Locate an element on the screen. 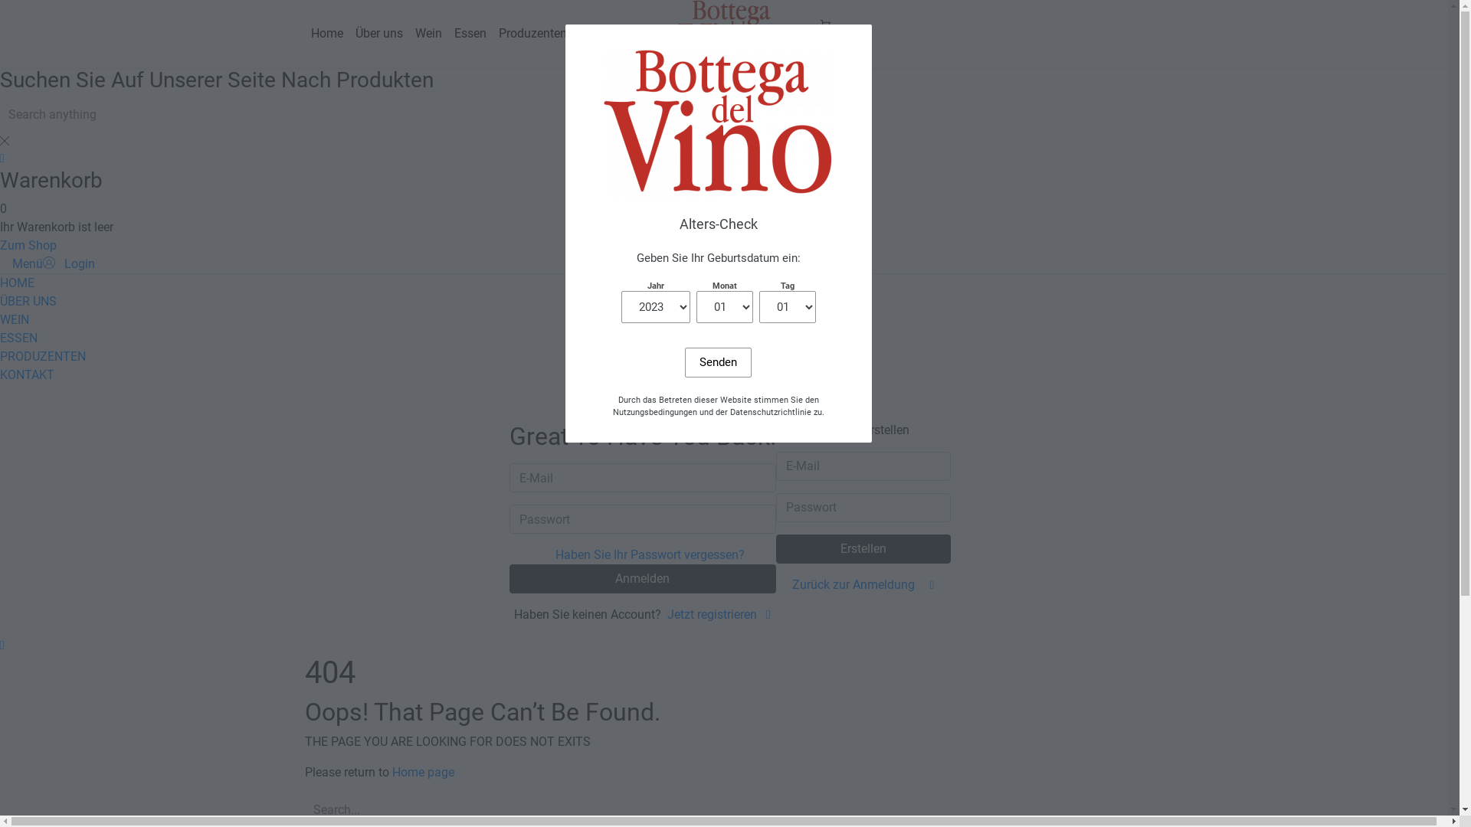 The image size is (1471, 827). 'KONTAKT' is located at coordinates (27, 374).